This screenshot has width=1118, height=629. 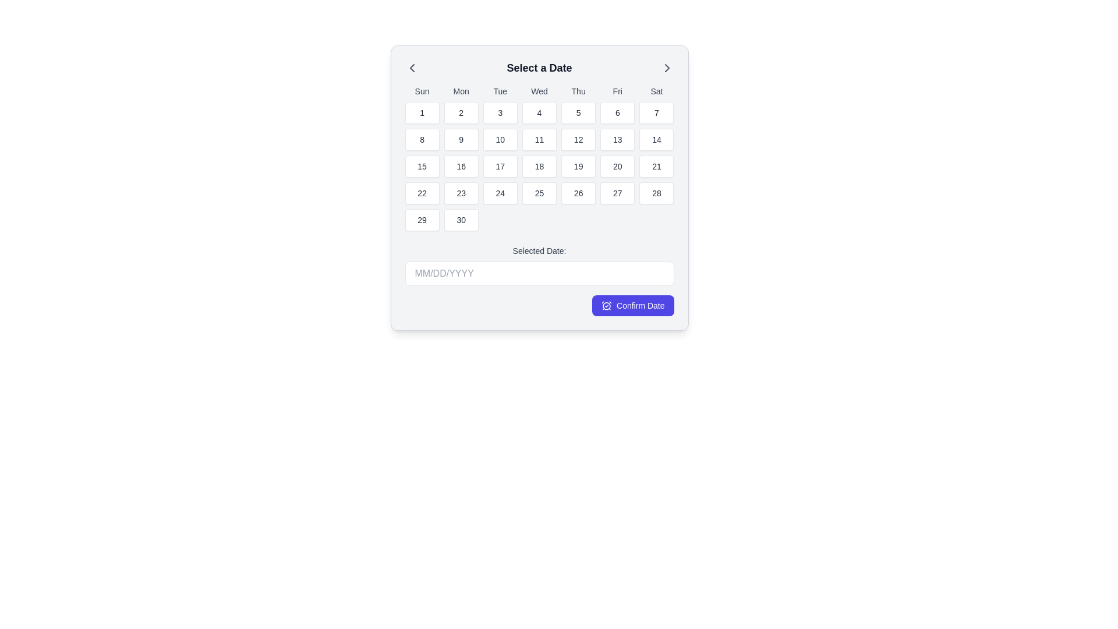 What do you see at coordinates (539, 158) in the screenshot?
I see `a specific day within the grid-based calendar display` at bounding box center [539, 158].